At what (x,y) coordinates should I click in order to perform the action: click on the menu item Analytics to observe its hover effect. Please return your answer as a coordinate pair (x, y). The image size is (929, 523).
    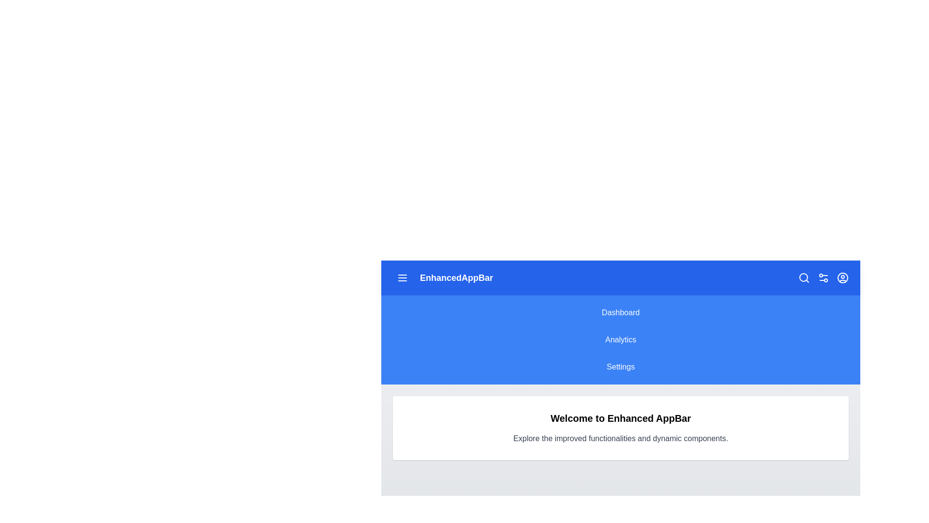
    Looking at the image, I should click on (620, 339).